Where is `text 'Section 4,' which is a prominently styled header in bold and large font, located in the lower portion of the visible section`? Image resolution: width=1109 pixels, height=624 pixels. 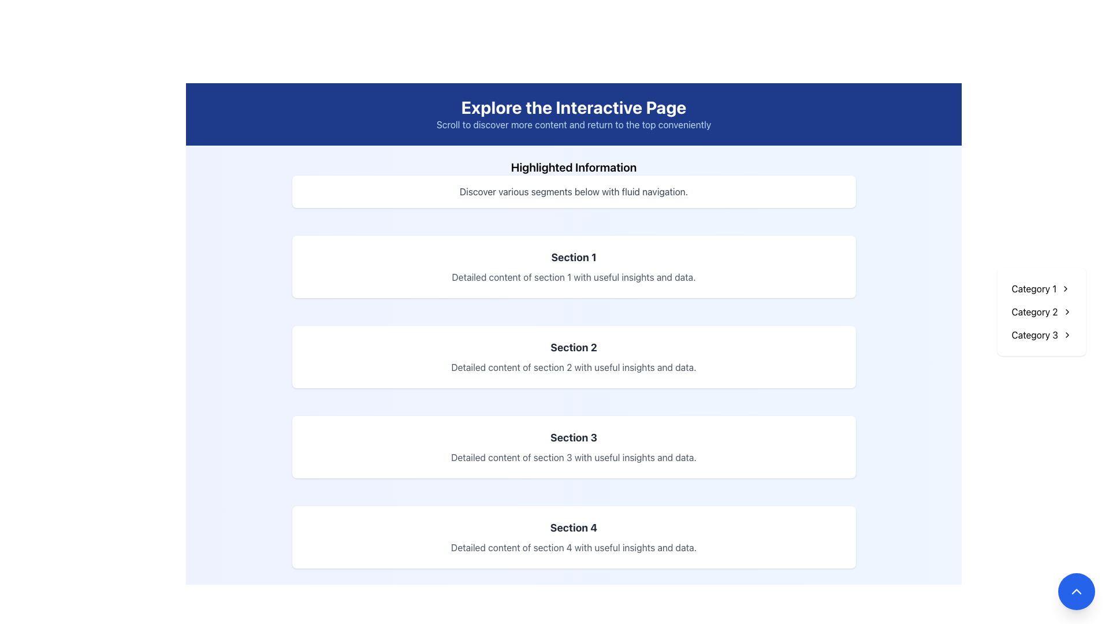
text 'Section 4,' which is a prominently styled header in bold and large font, located in the lower portion of the visible section is located at coordinates (574, 528).